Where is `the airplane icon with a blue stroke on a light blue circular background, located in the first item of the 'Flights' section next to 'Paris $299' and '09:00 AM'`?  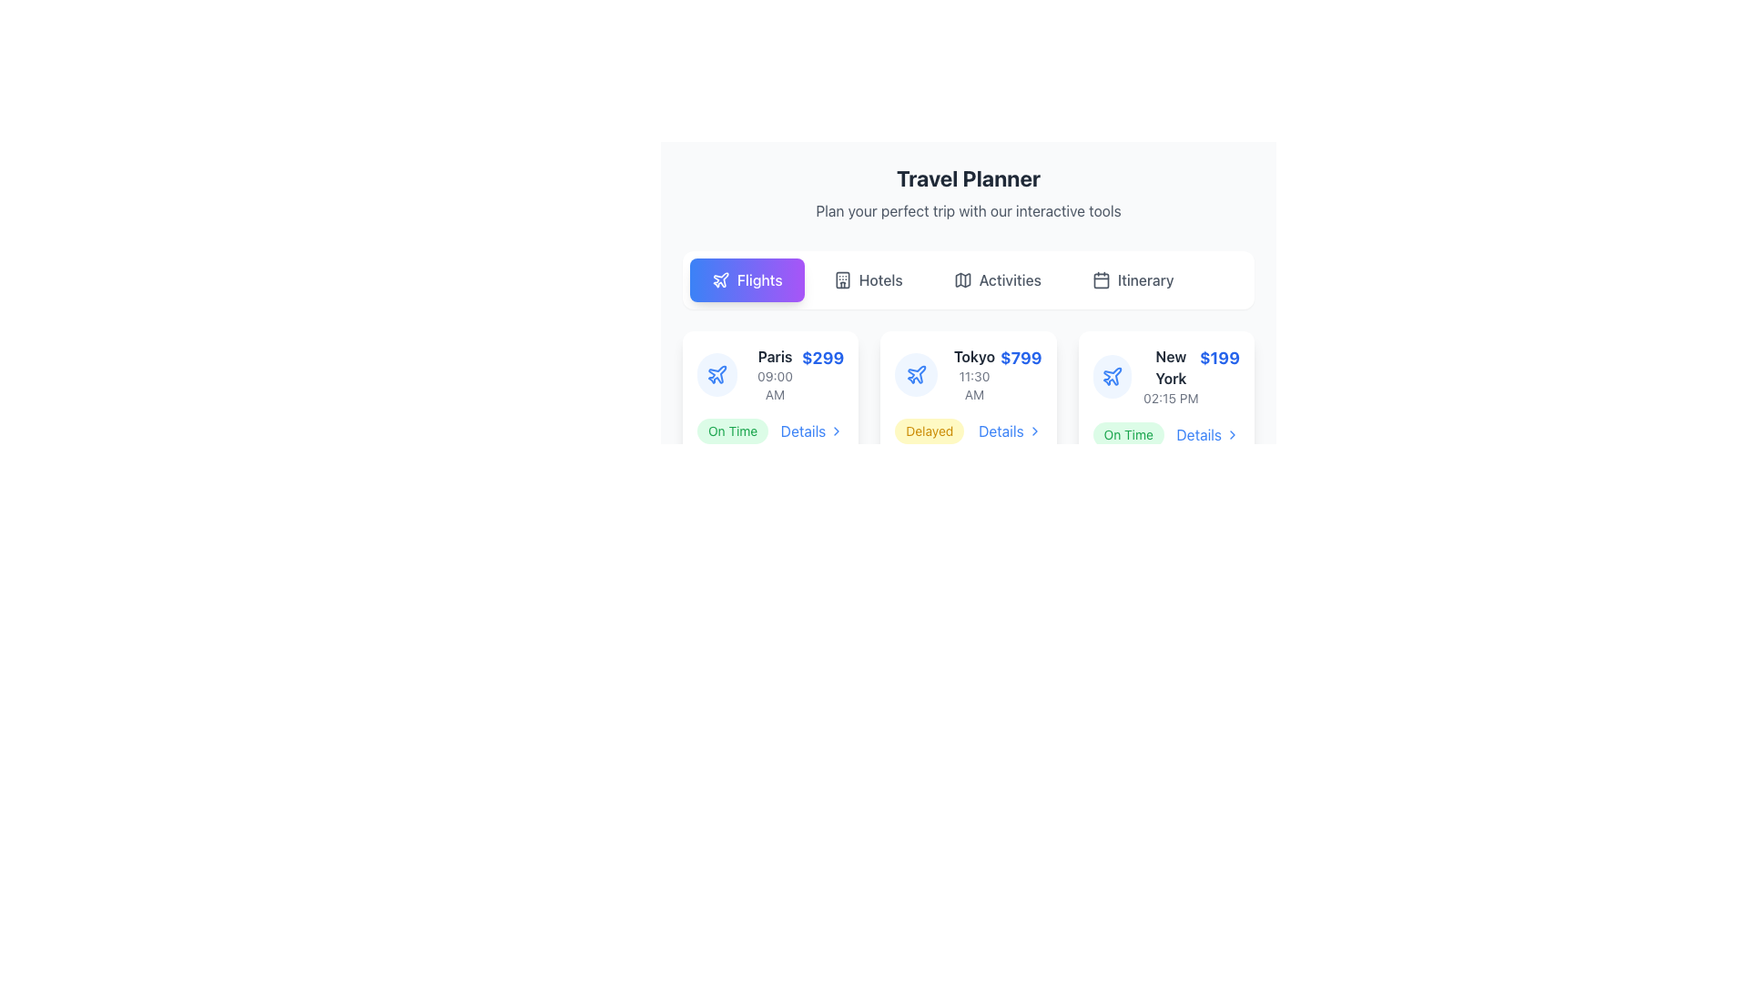
the airplane icon with a blue stroke on a light blue circular background, located in the first item of the 'Flights' section next to 'Paris $299' and '09:00 AM' is located at coordinates (716, 374).